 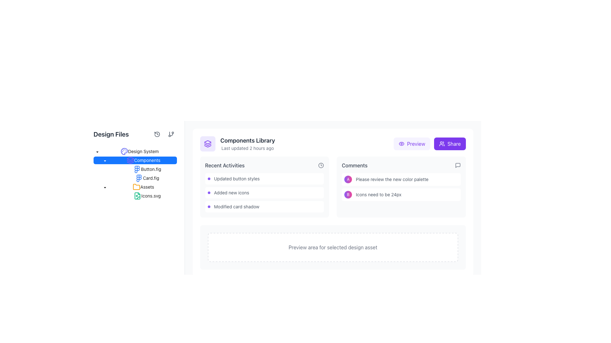 I want to click on the indentation marker representing the level of indentation for the 'Card.fig' item in the hierarchical navigation tree, so click(x=101, y=178).